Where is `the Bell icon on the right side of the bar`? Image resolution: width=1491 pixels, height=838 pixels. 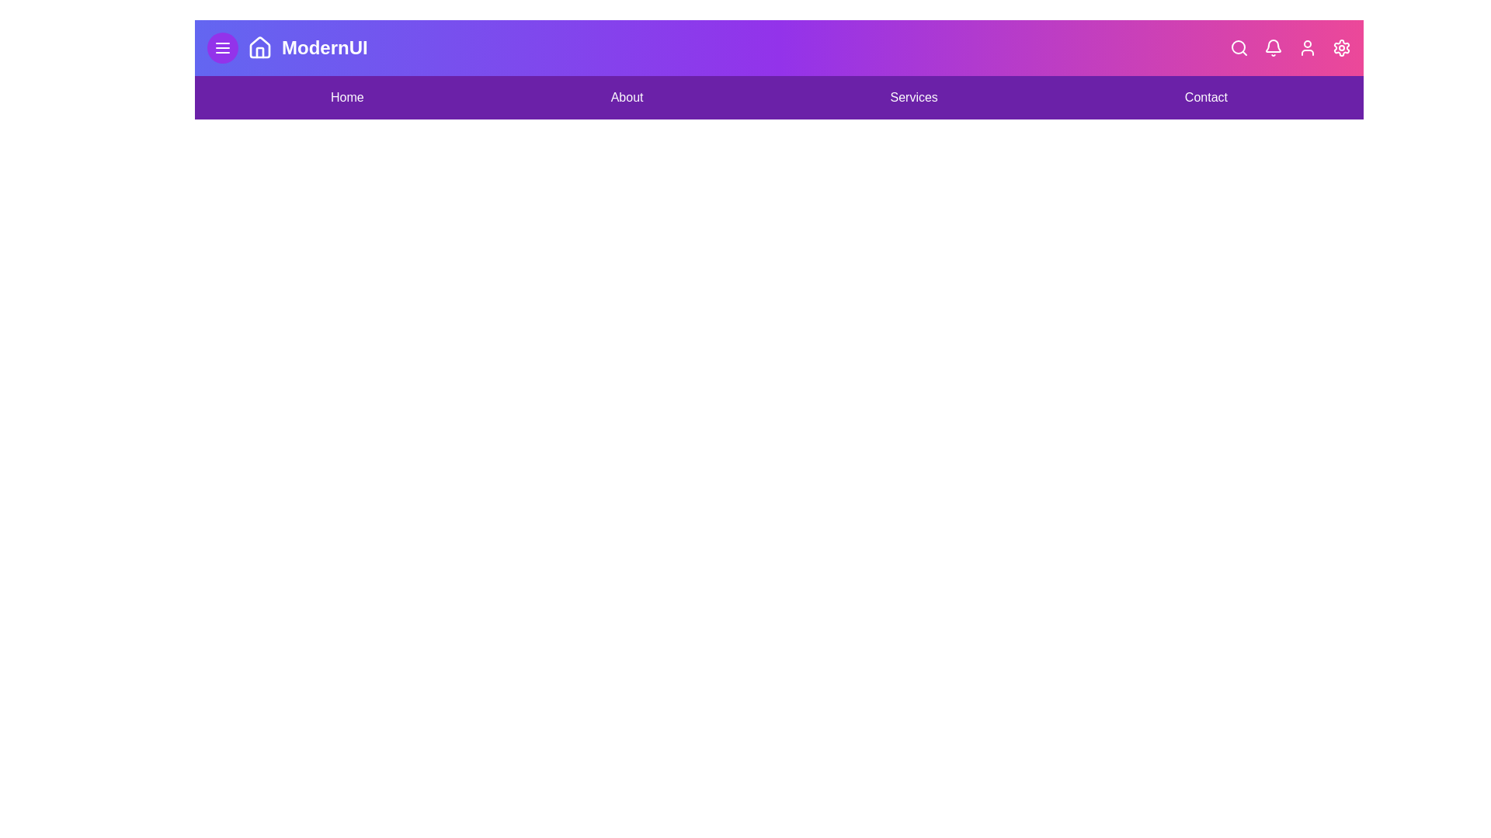 the Bell icon on the right side of the bar is located at coordinates (1274, 47).